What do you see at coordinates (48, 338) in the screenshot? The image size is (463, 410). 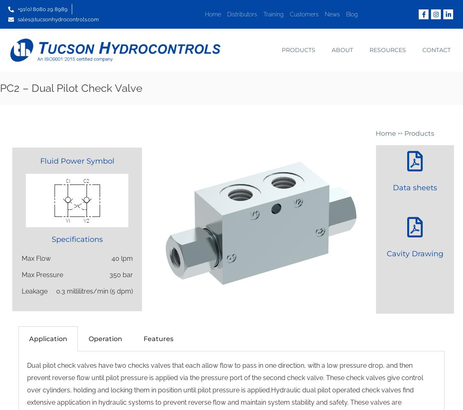 I see `'Application'` at bounding box center [48, 338].